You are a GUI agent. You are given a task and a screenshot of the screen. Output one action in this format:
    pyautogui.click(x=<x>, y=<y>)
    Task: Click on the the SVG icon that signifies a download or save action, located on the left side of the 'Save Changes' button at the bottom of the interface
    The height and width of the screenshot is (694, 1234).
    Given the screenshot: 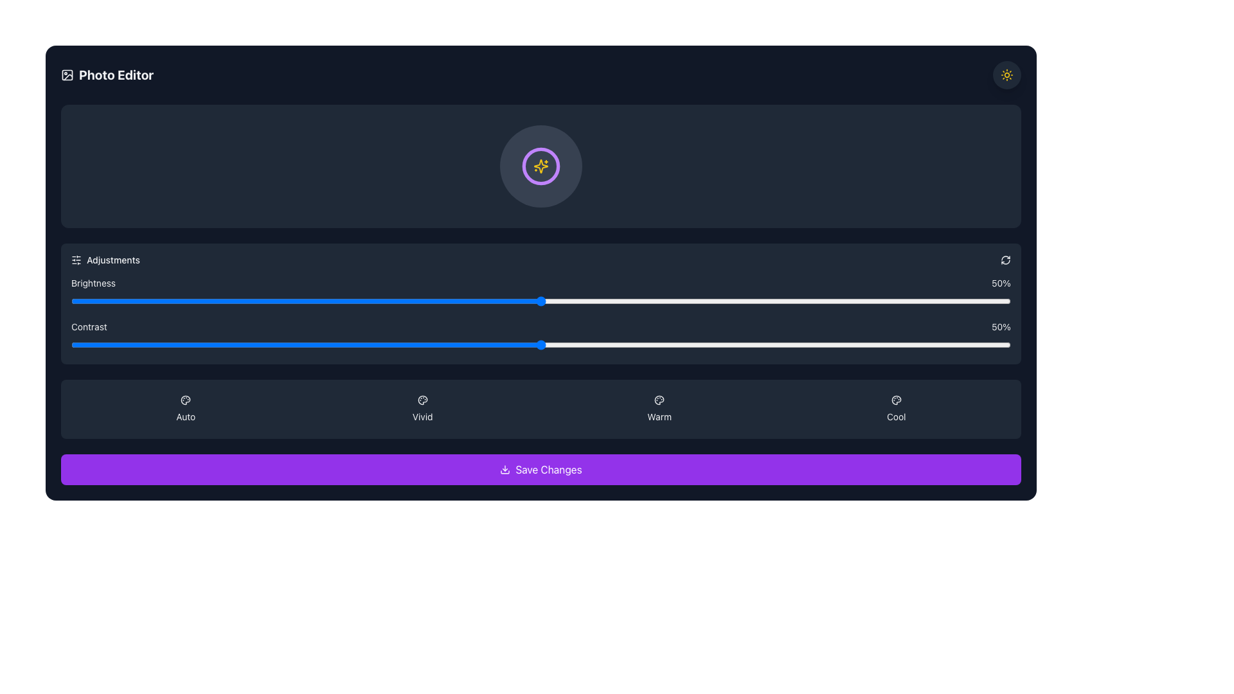 What is the action you would take?
    pyautogui.click(x=505, y=470)
    